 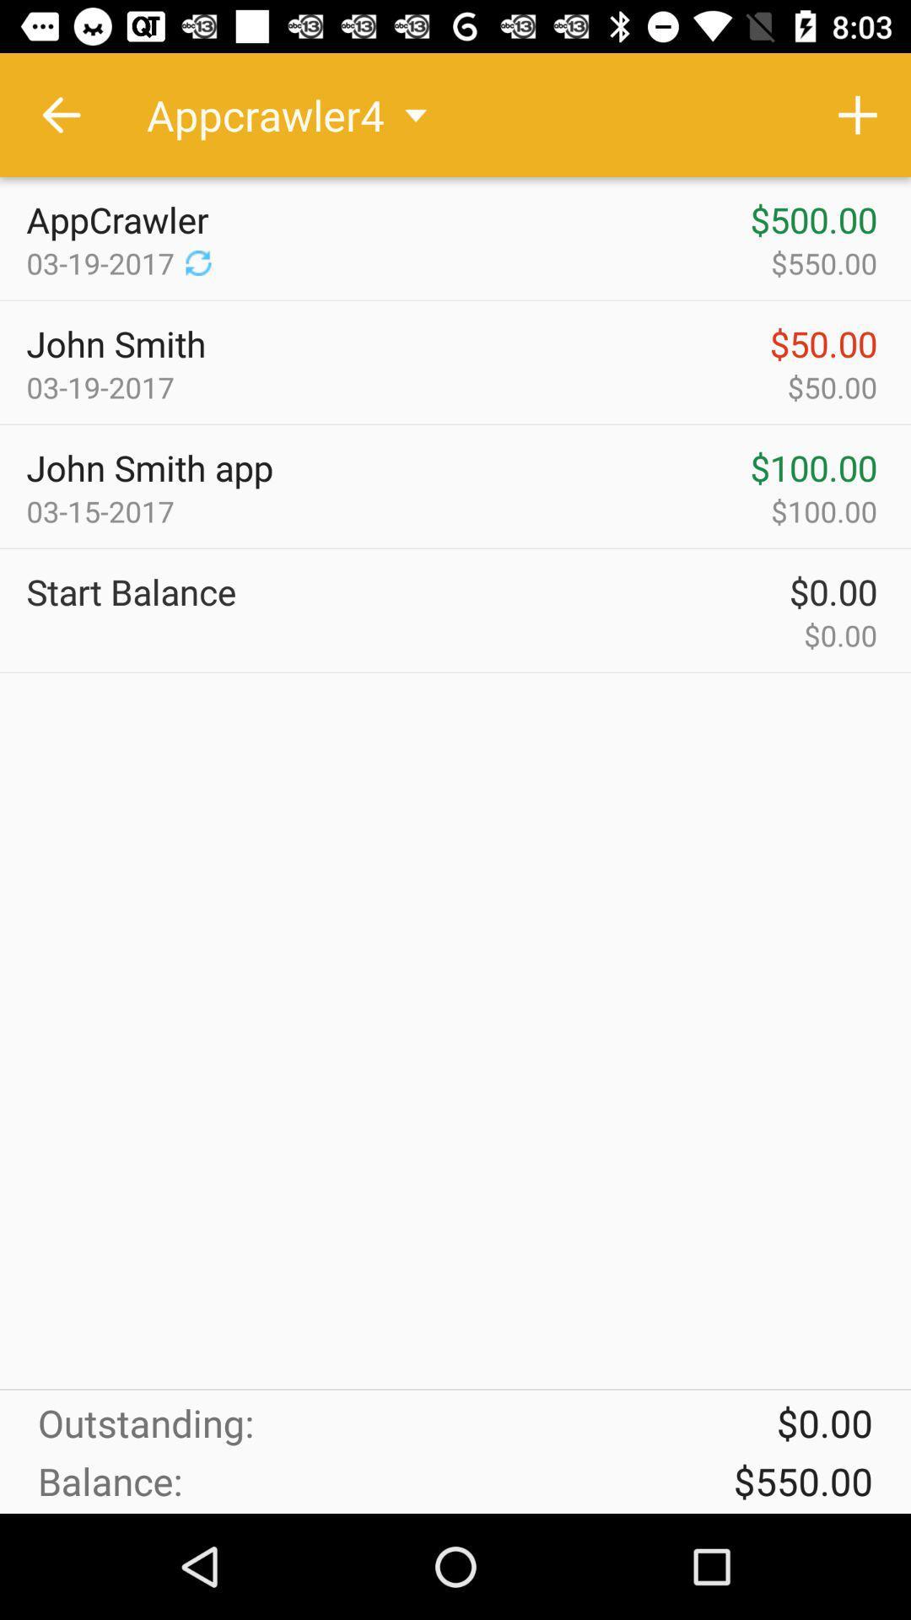 What do you see at coordinates (858, 114) in the screenshot?
I see `app above $500.00` at bounding box center [858, 114].